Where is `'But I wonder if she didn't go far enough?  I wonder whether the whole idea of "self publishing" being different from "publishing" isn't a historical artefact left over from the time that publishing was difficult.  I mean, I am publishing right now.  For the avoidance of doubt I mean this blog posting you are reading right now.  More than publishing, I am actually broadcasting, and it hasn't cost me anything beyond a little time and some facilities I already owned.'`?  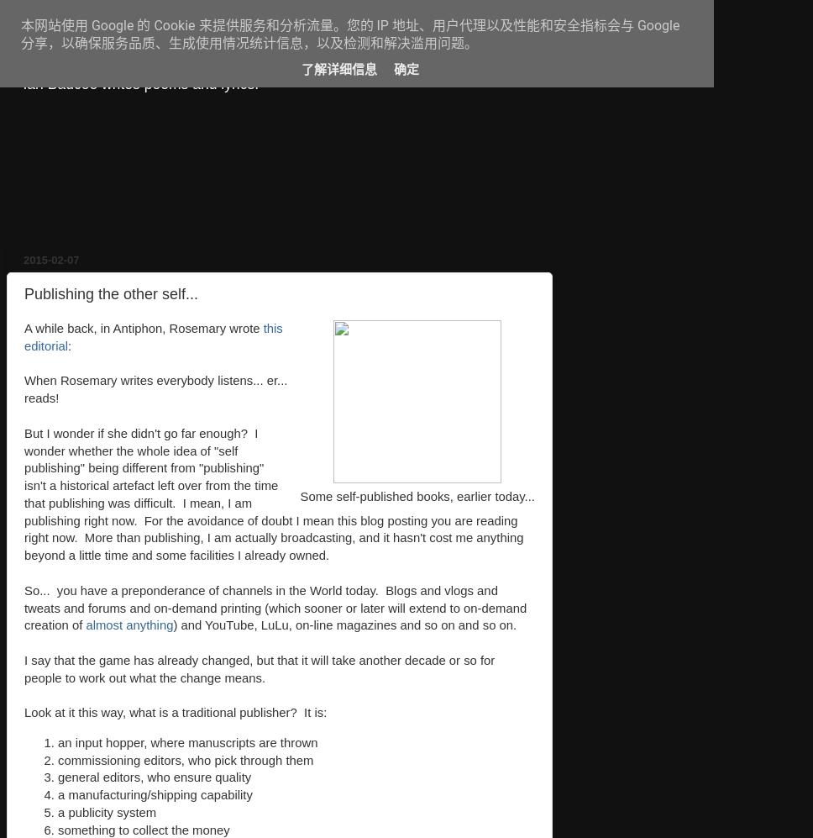
'But I wonder if she didn't go far enough?  I wonder whether the whole idea of "self publishing" being different from "publishing" isn't a historical artefact left over from the time that publishing was difficult.  I mean, I am publishing right now.  For the avoidance of doubt I mean this blog posting you are reading right now.  More than publishing, I am actually broadcasting, and it hasn't cost me anything beyond a little time and some facilities I already owned.' is located at coordinates (24, 494).